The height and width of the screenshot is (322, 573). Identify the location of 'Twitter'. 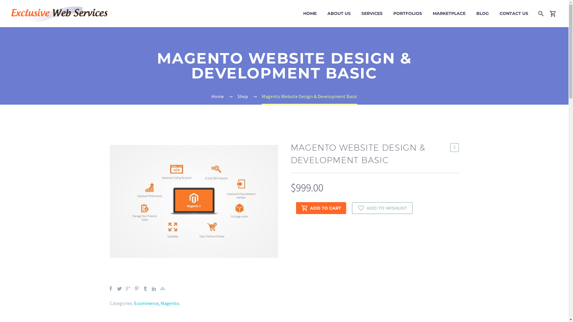
(119, 288).